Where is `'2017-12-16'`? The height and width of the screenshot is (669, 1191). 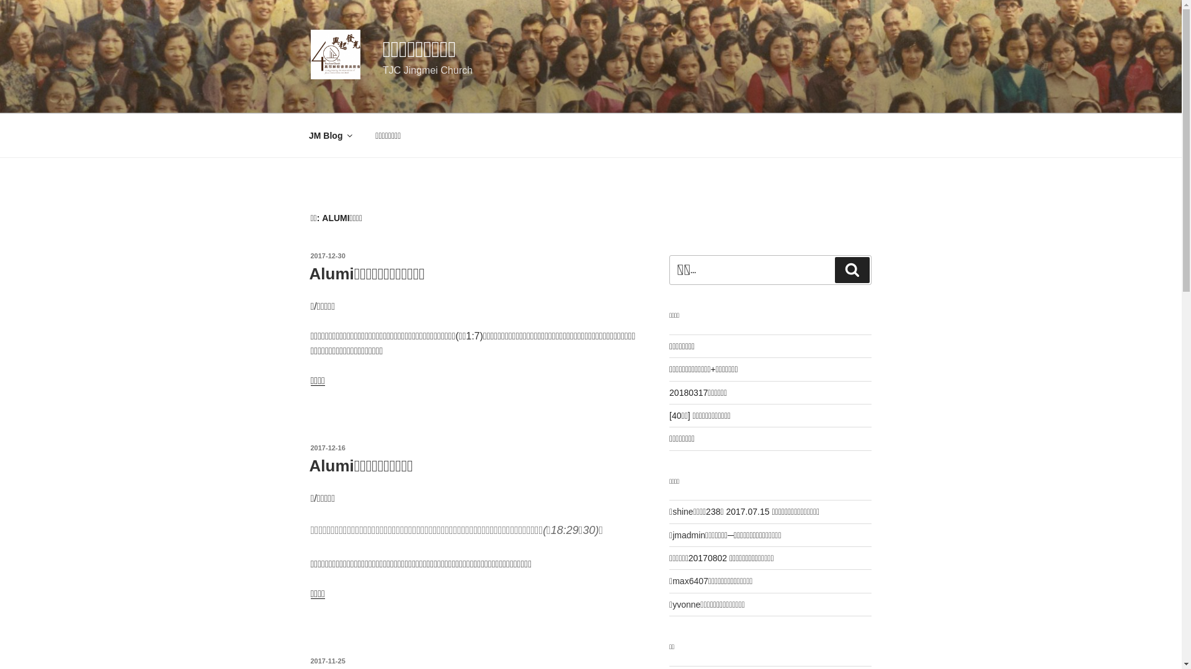
'2017-12-16' is located at coordinates (310, 447).